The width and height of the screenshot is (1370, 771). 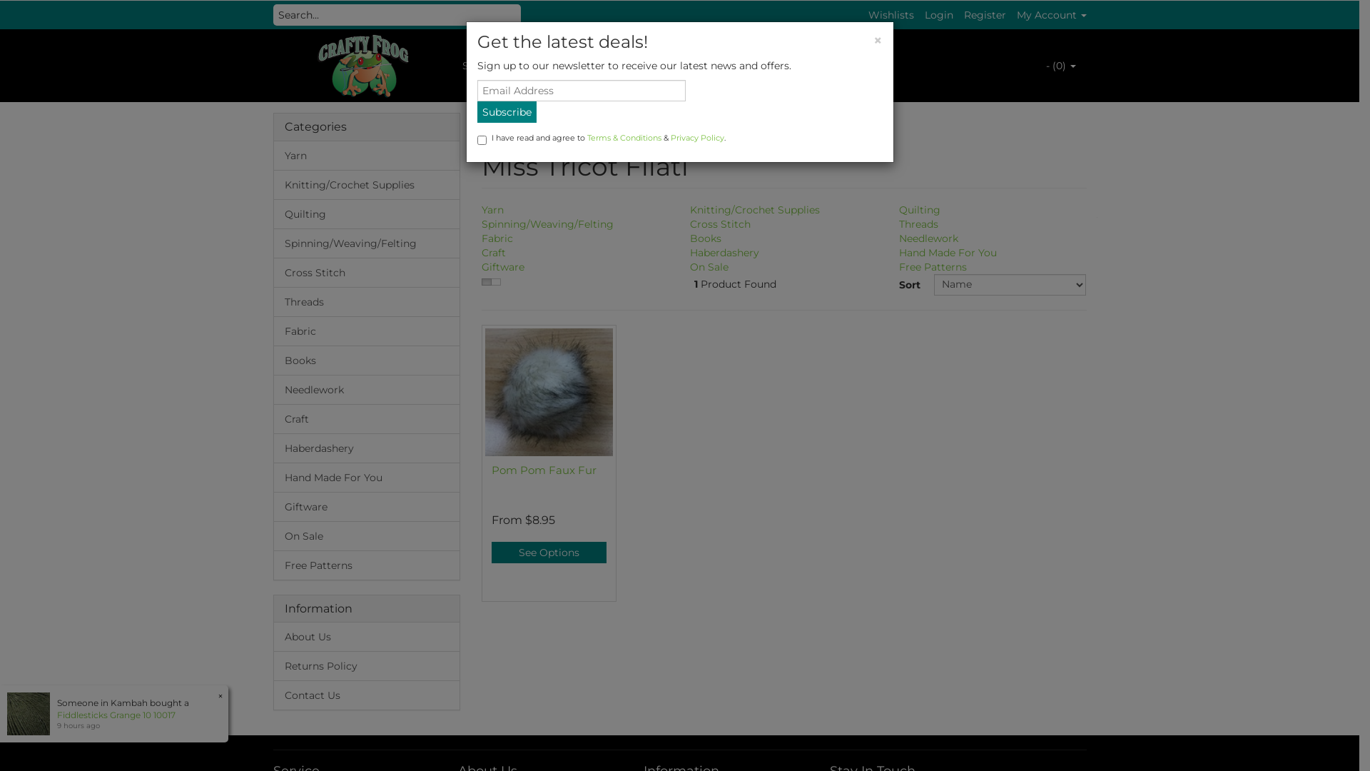 What do you see at coordinates (367, 156) in the screenshot?
I see `'Yarn'` at bounding box center [367, 156].